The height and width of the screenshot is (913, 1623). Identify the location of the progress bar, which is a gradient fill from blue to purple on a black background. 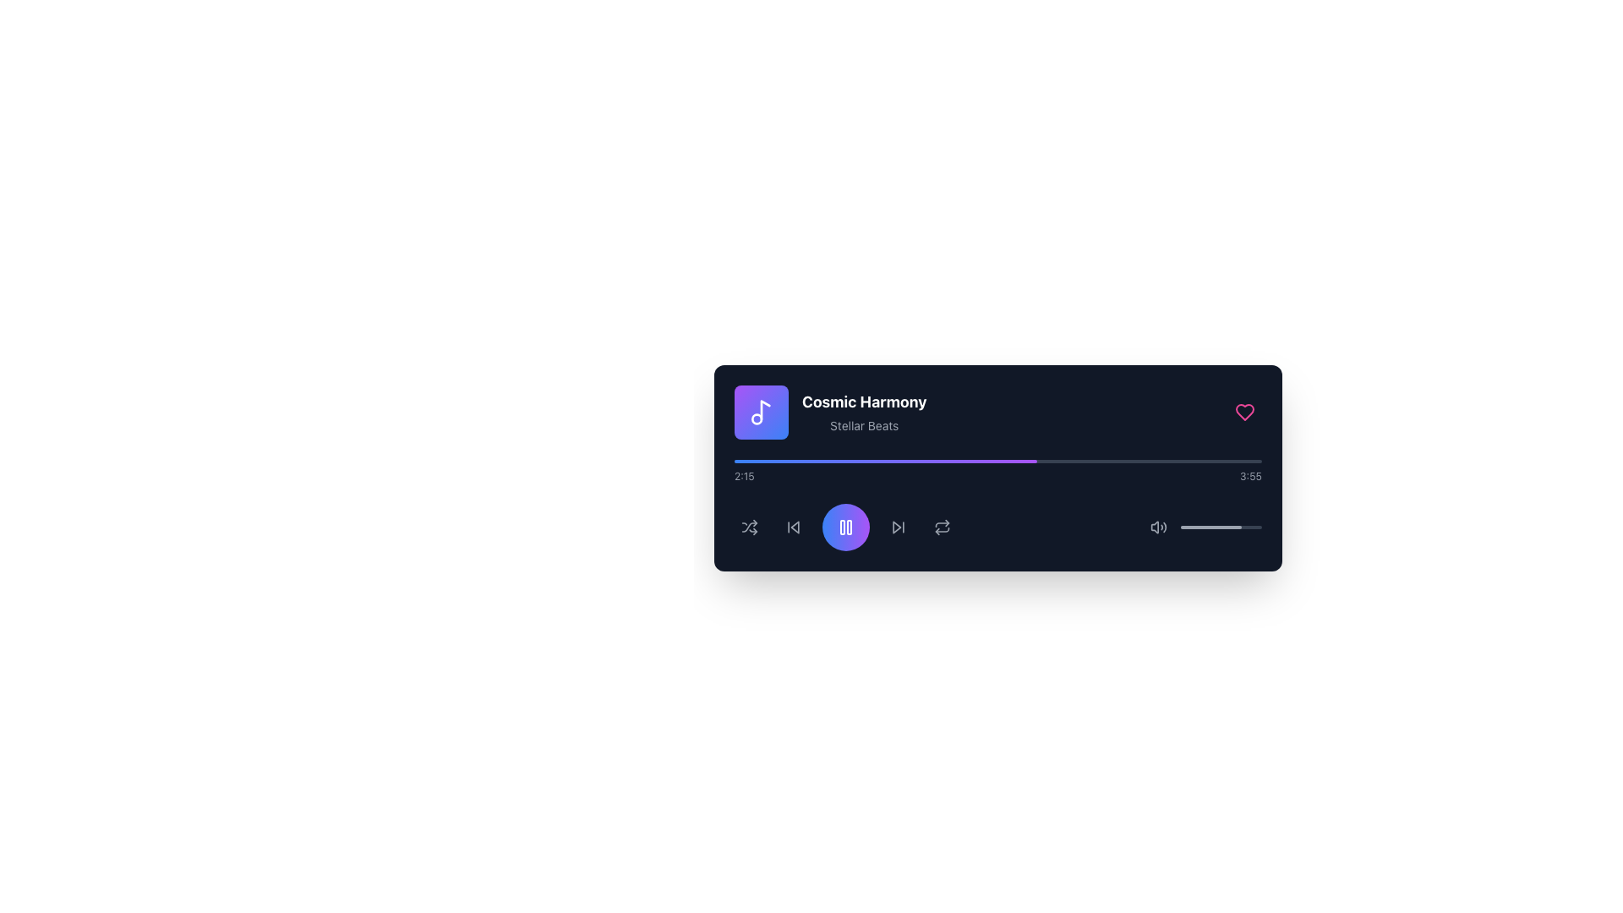
(997, 472).